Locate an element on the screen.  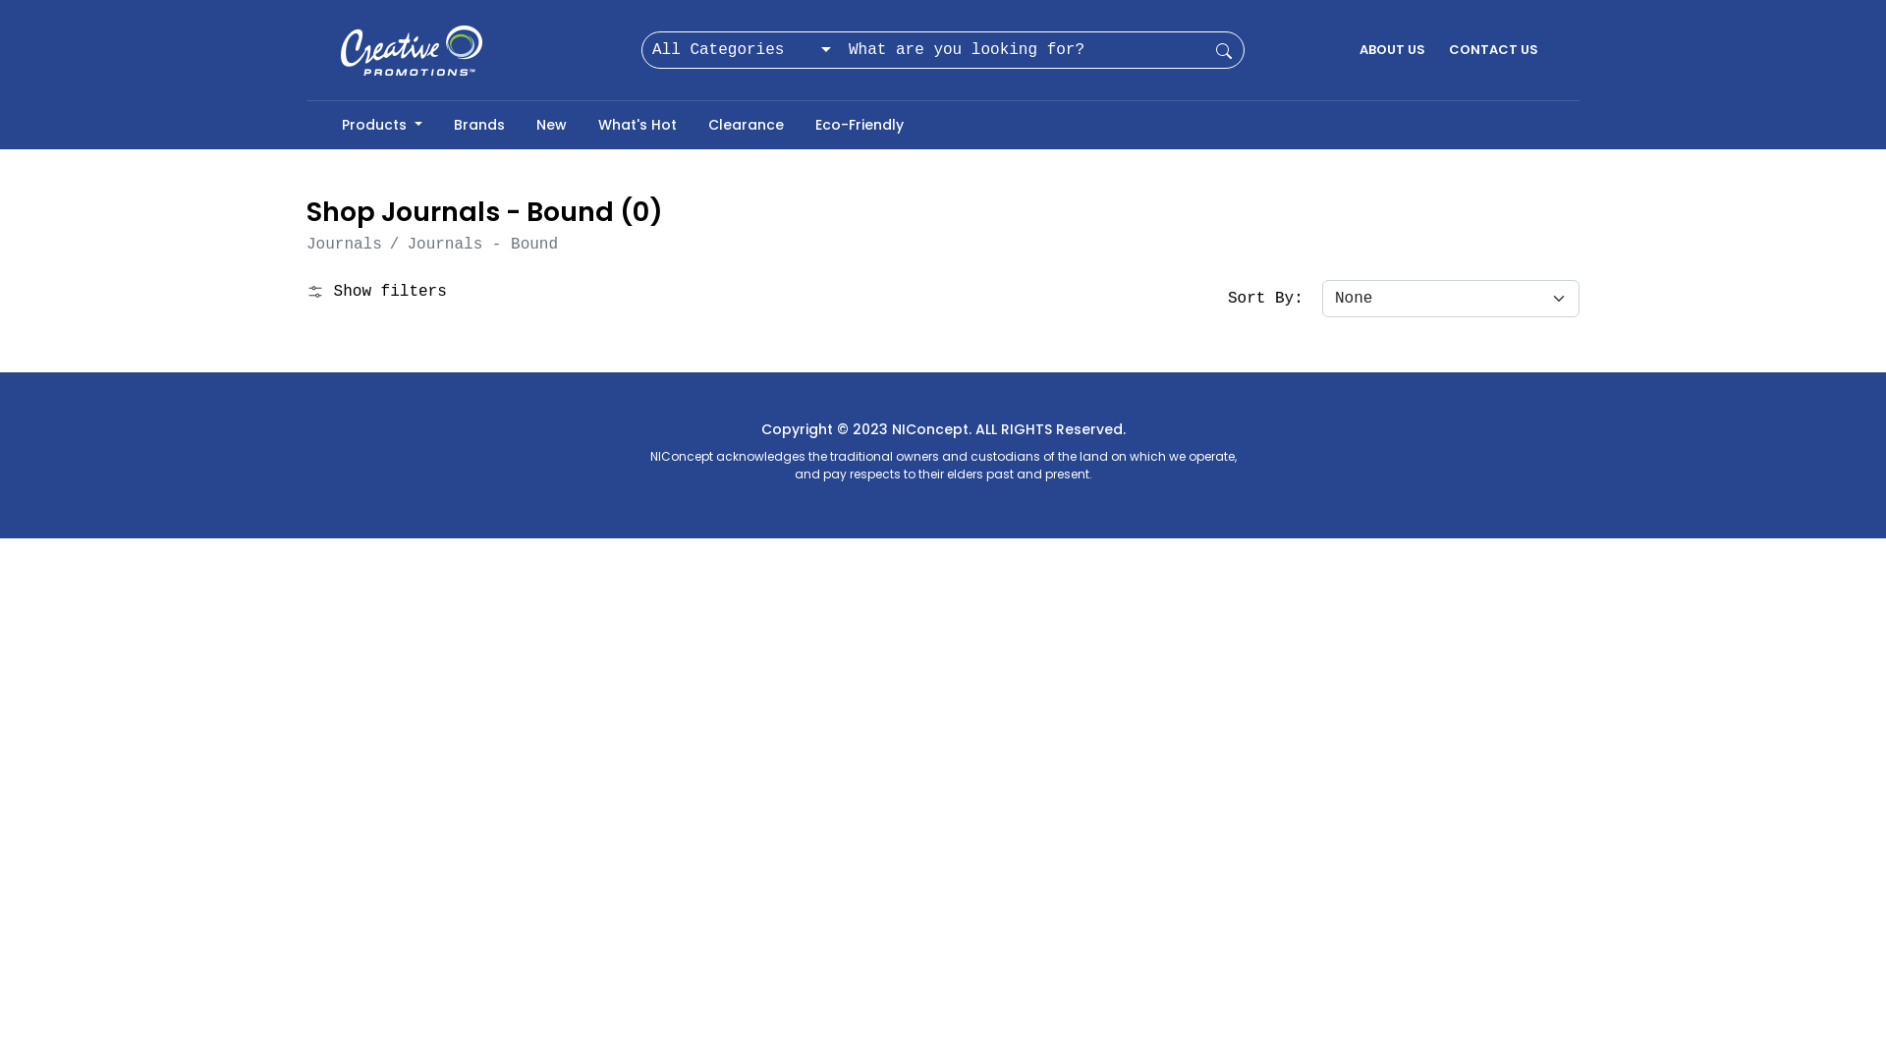
'New' is located at coordinates (550, 125).